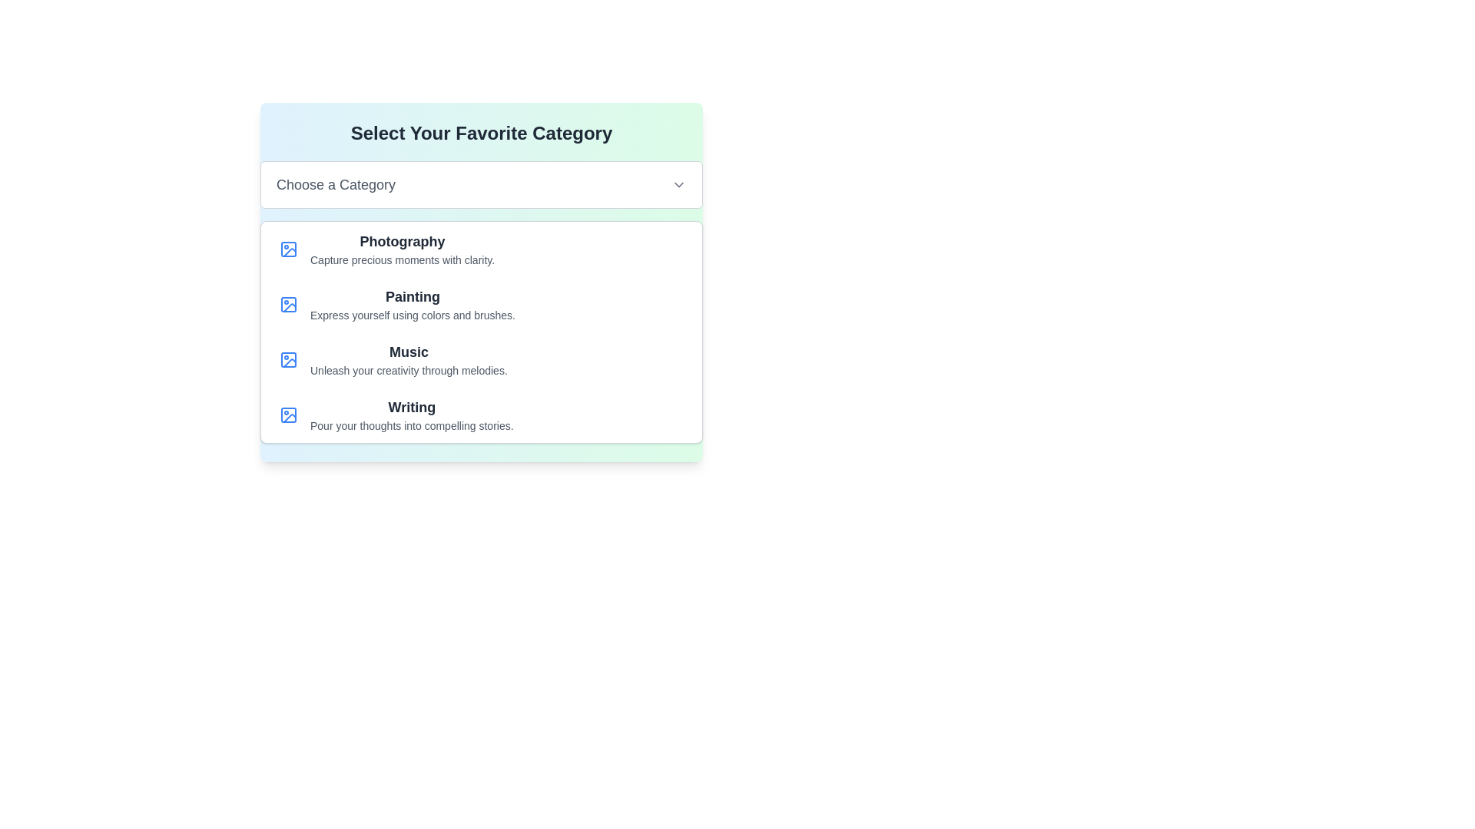  I want to click on the 'Photography' category in the 'Select Your Favorite Category' section, so click(403, 248).